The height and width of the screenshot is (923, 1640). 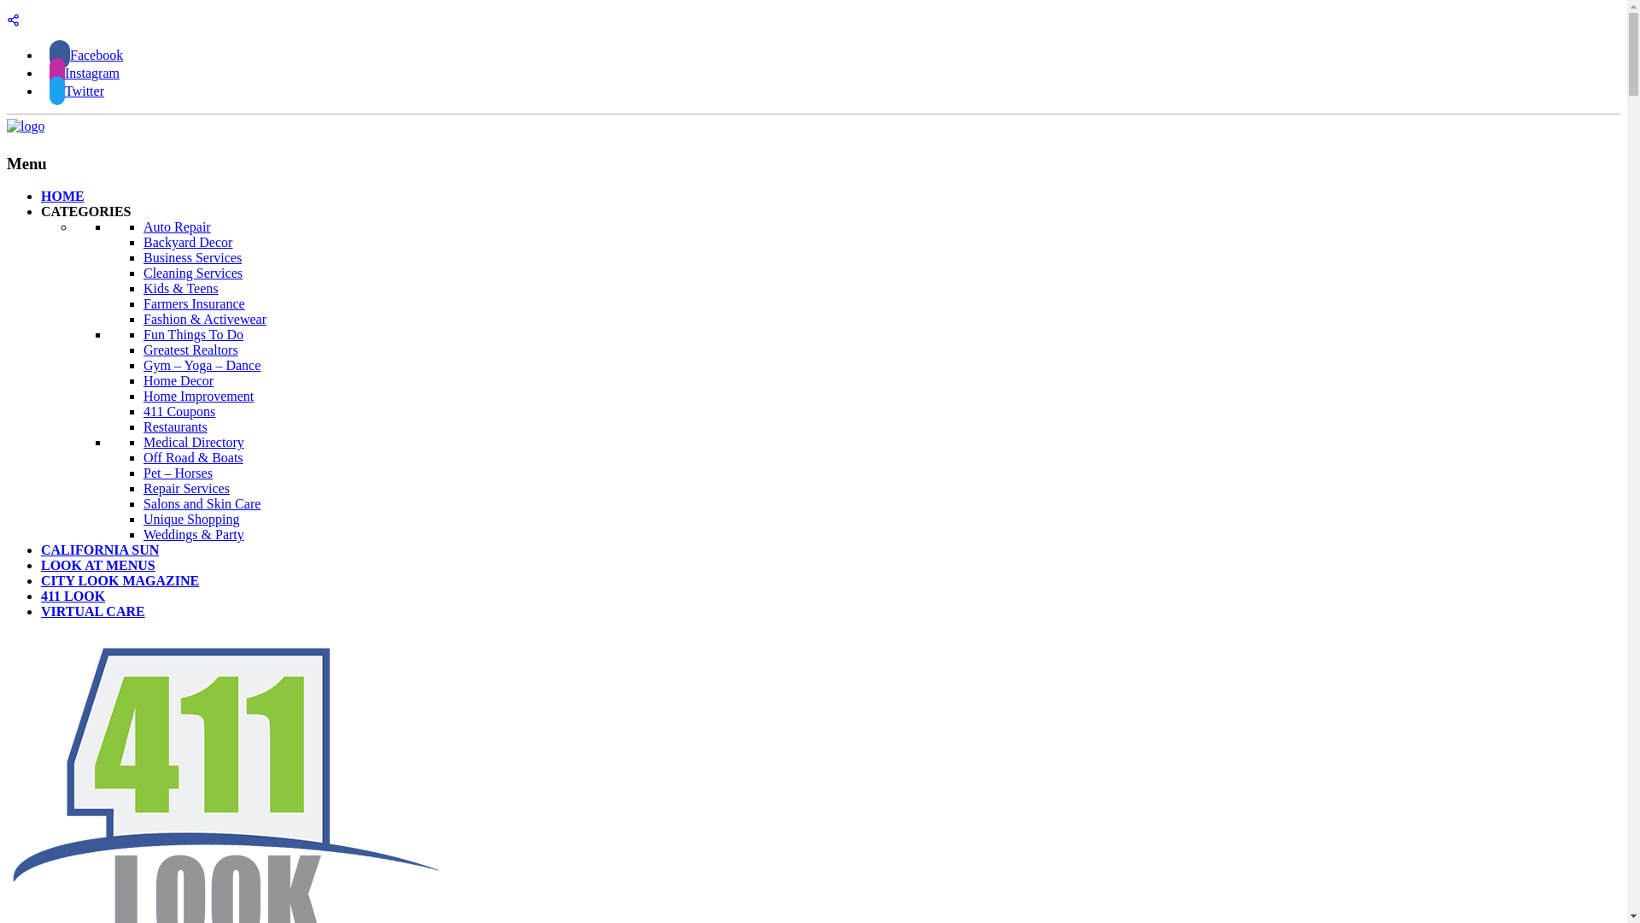 I want to click on '411 Coupons', so click(x=179, y=411).